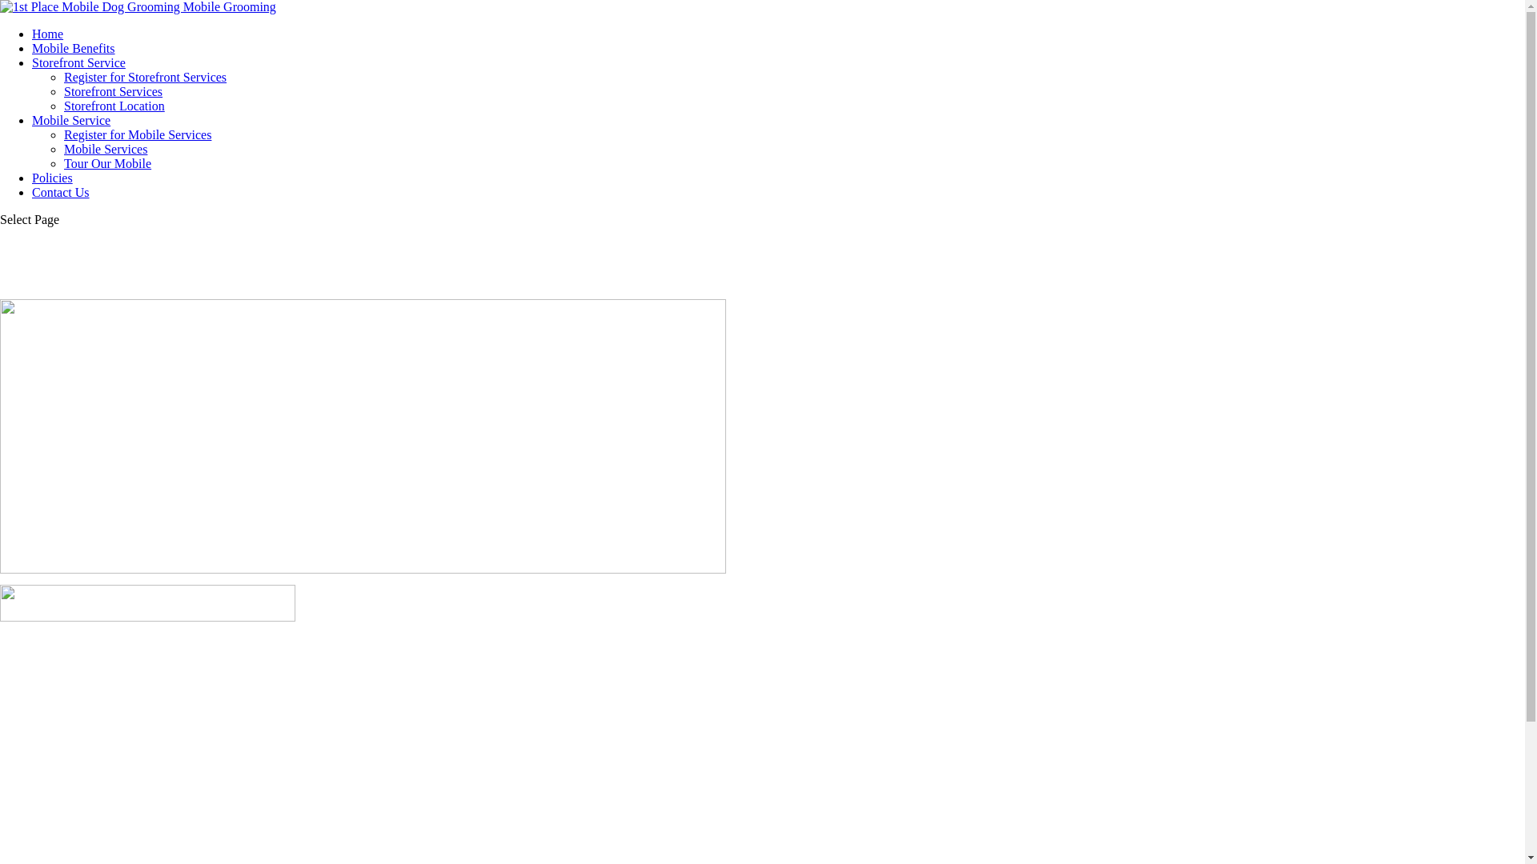 This screenshot has width=1537, height=864. What do you see at coordinates (61, 191) in the screenshot?
I see `'Contact Us'` at bounding box center [61, 191].